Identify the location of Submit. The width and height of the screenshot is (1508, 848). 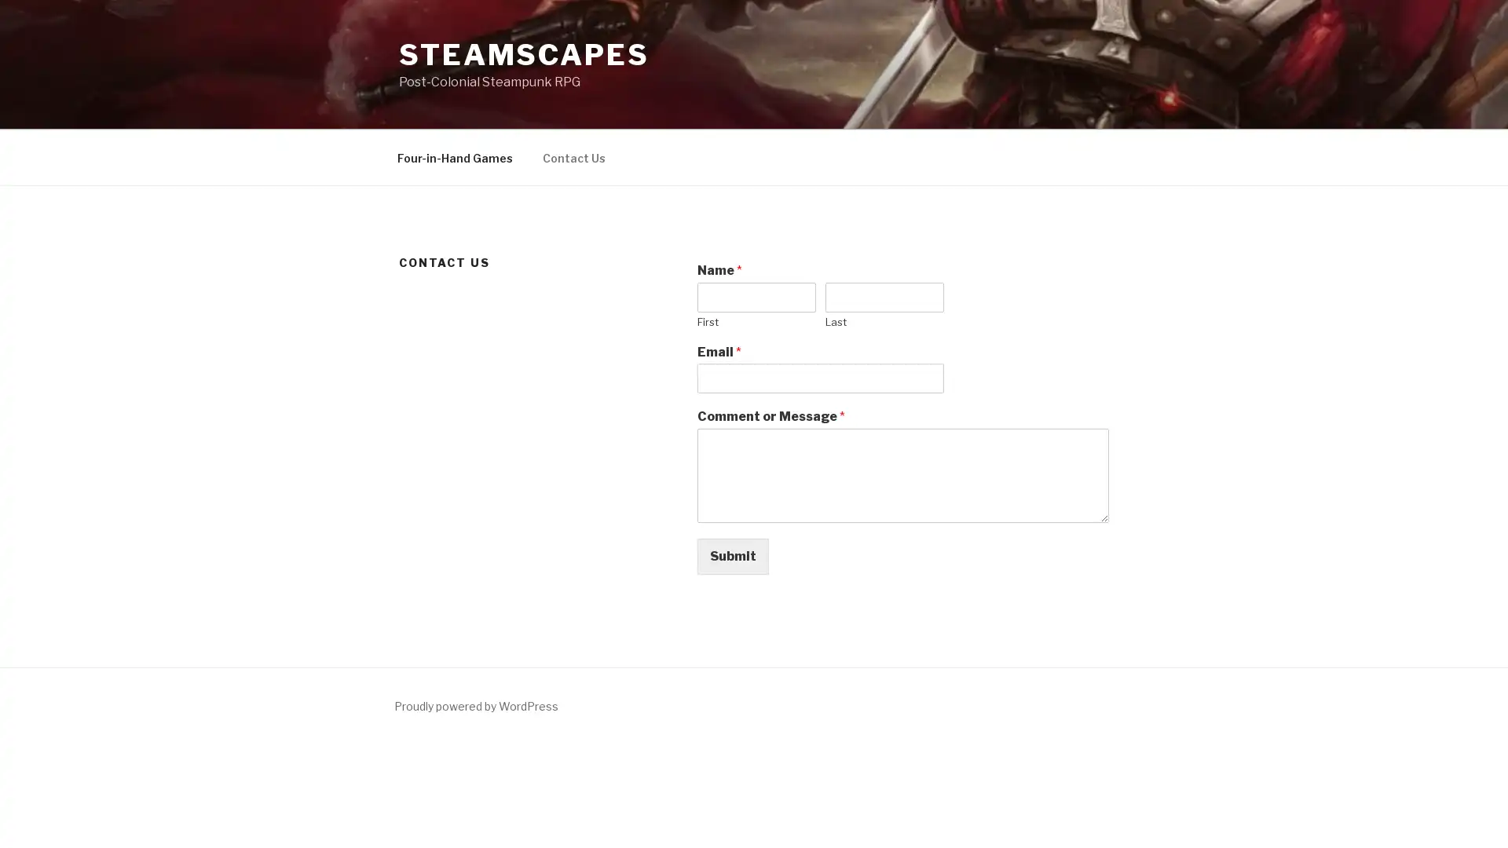
(731, 556).